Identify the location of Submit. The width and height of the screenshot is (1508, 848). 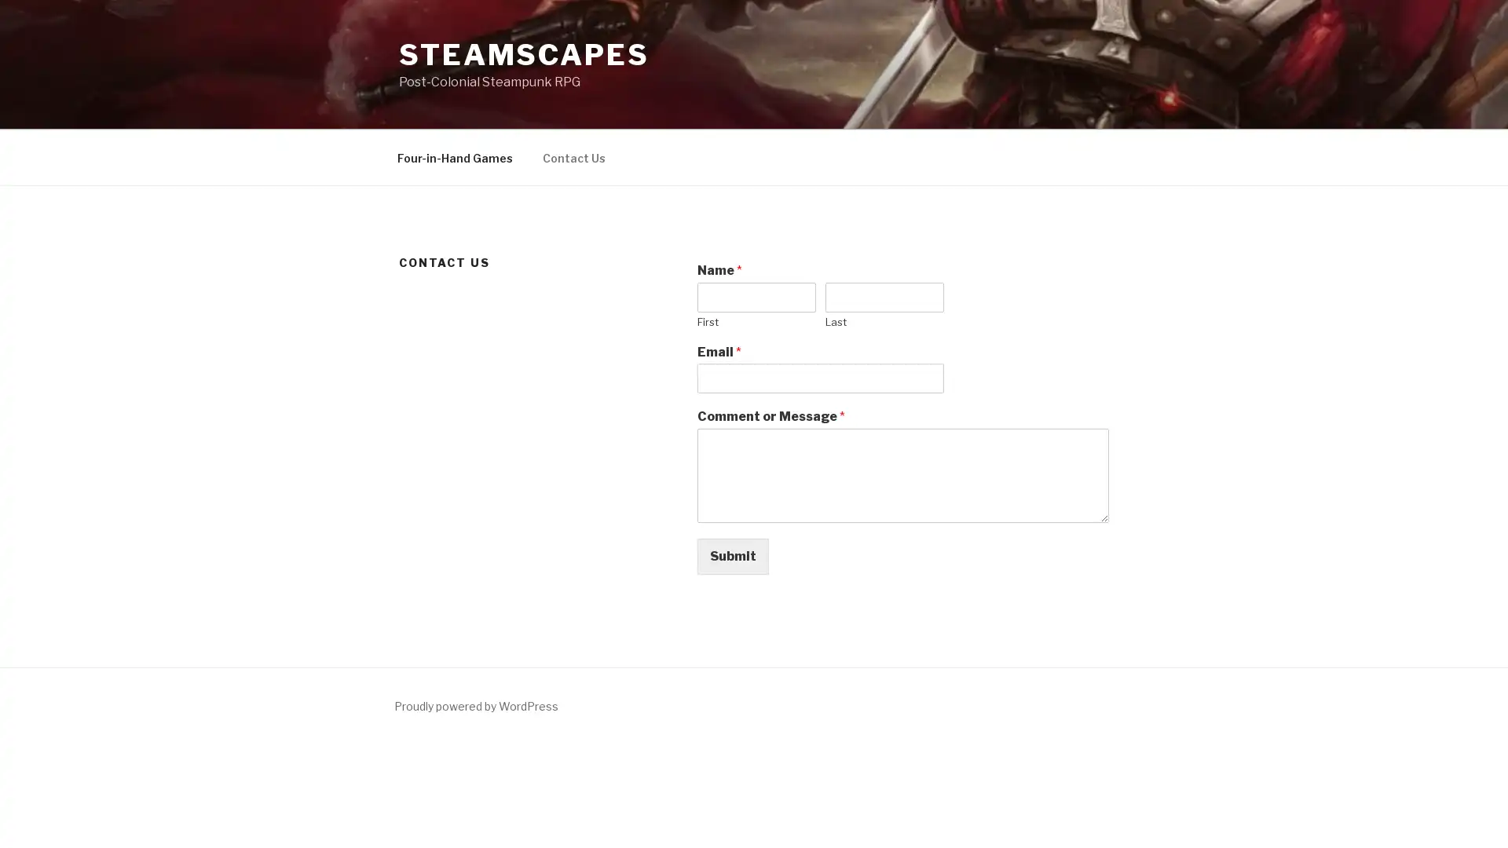
(731, 556).